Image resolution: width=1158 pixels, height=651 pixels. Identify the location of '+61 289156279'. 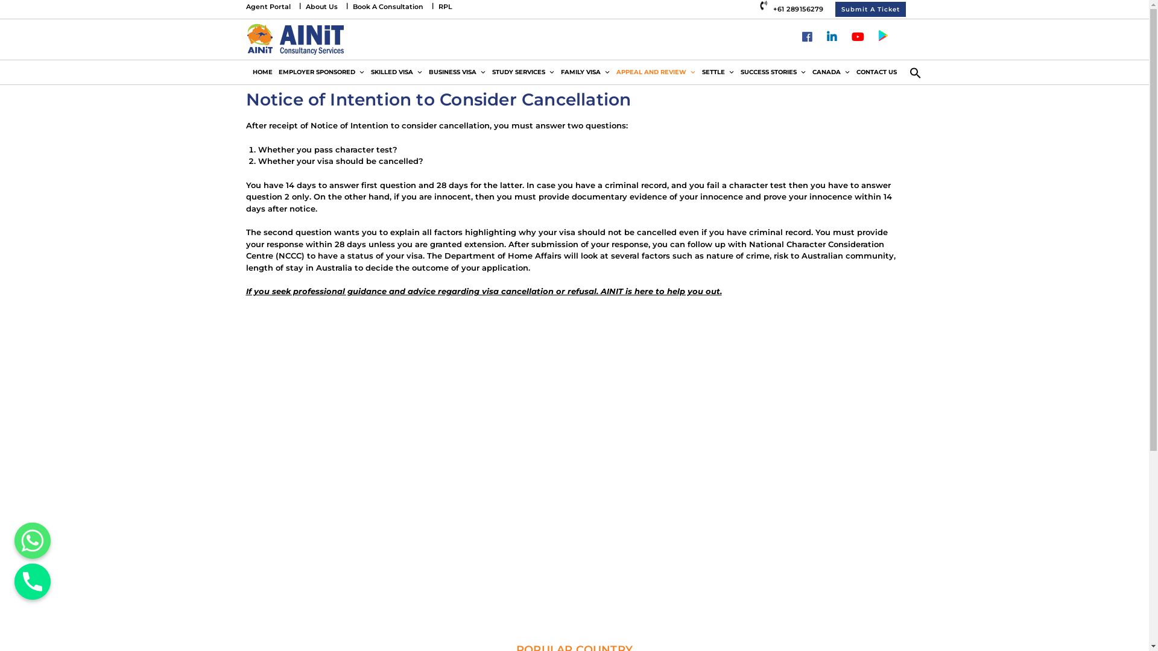
(793, 8).